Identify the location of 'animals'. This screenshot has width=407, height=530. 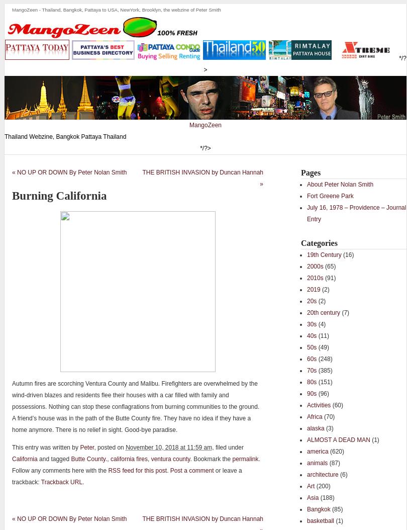
(317, 462).